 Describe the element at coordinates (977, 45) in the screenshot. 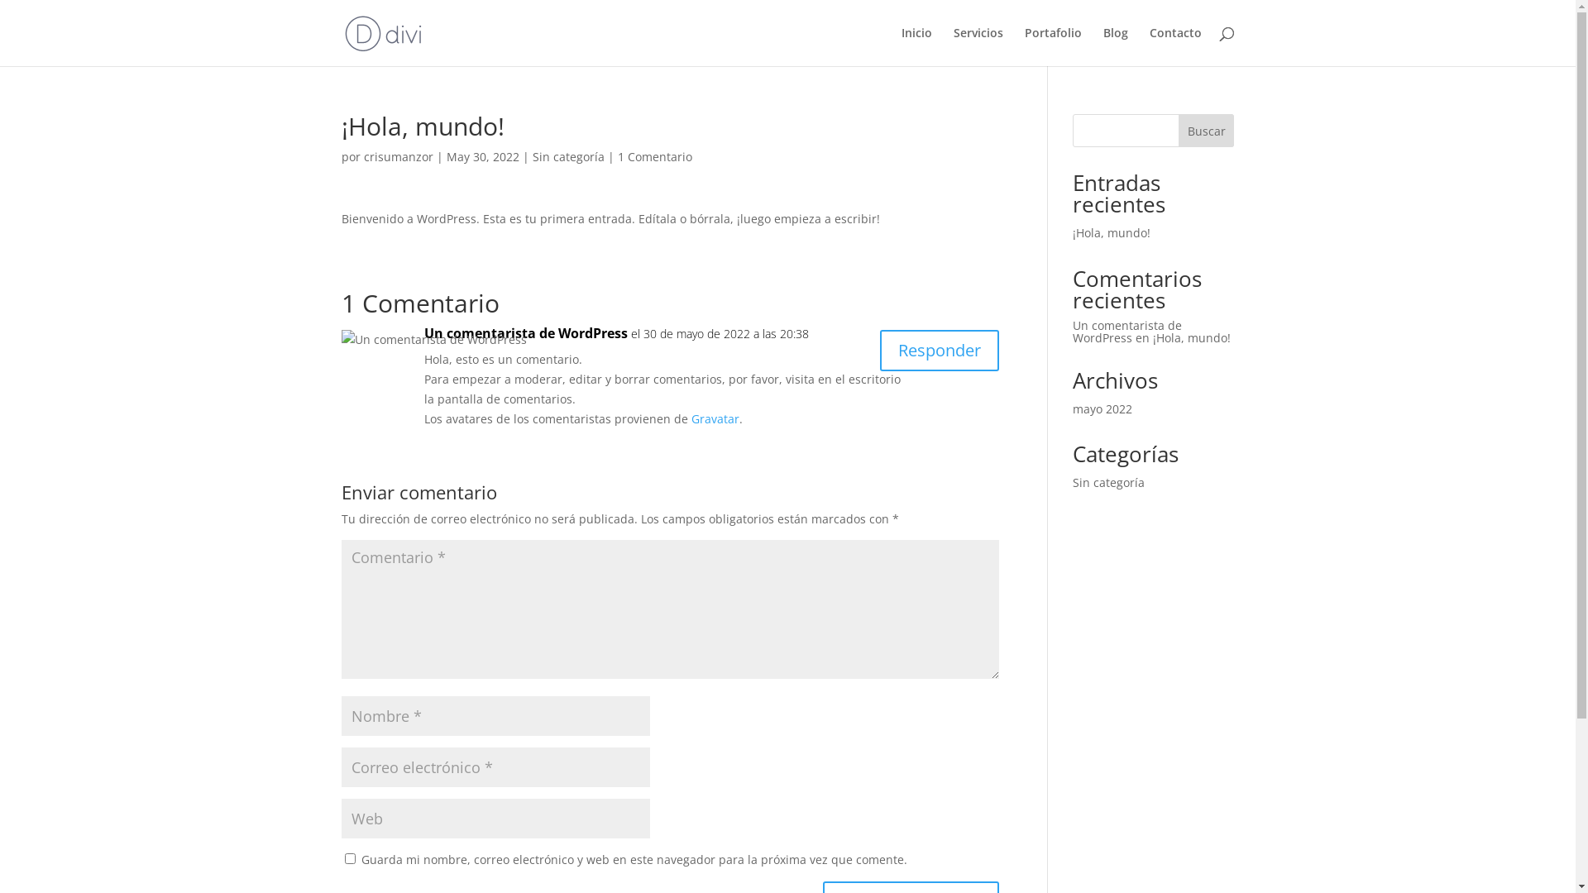

I see `'Servicios'` at that location.